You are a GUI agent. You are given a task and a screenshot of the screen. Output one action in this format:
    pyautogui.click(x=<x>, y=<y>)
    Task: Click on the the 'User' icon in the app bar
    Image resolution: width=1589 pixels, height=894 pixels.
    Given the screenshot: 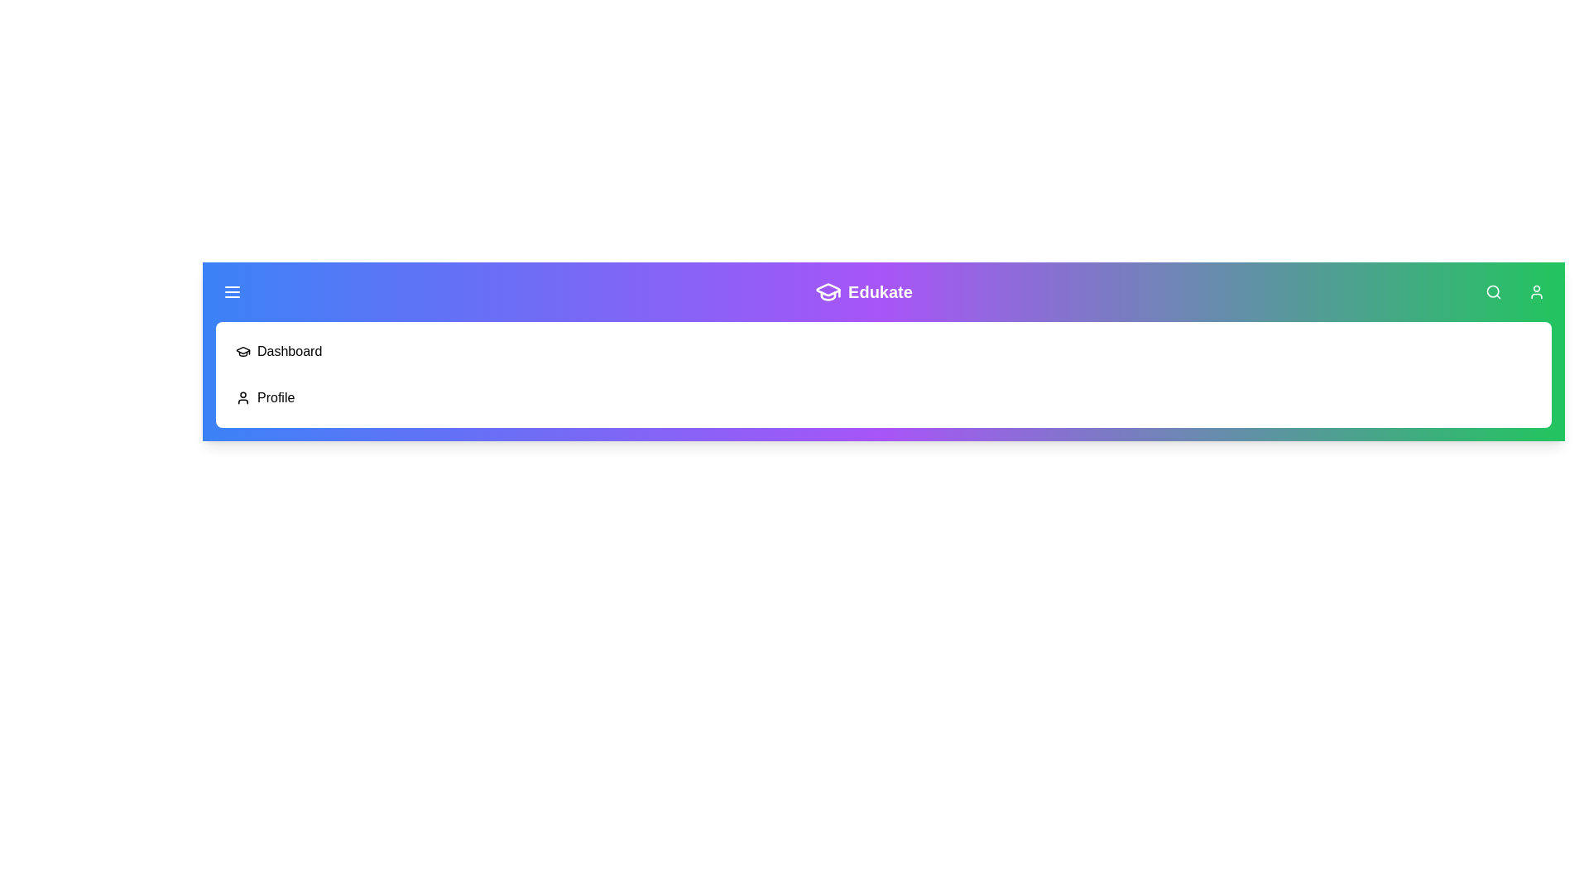 What is the action you would take?
    pyautogui.click(x=1536, y=291)
    